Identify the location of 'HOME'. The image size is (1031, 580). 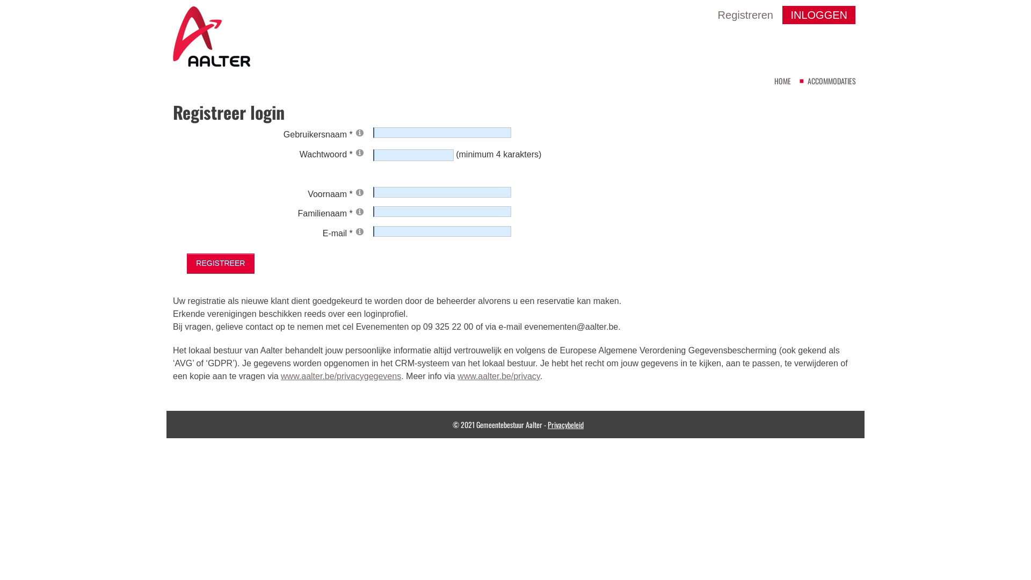
(783, 80).